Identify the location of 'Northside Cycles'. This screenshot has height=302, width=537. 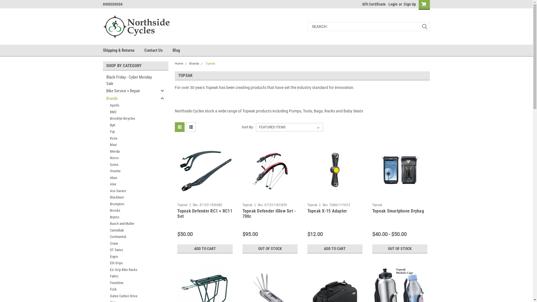
(138, 26).